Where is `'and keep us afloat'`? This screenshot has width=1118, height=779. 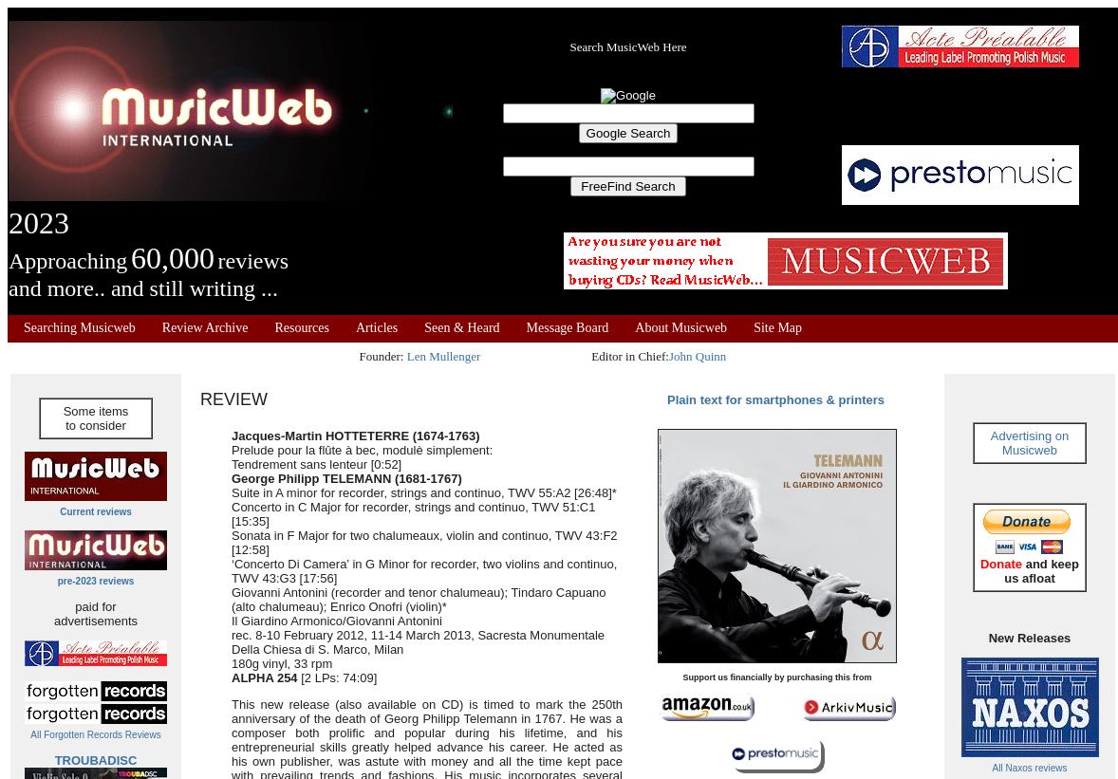 'and keep us afloat' is located at coordinates (1041, 569).